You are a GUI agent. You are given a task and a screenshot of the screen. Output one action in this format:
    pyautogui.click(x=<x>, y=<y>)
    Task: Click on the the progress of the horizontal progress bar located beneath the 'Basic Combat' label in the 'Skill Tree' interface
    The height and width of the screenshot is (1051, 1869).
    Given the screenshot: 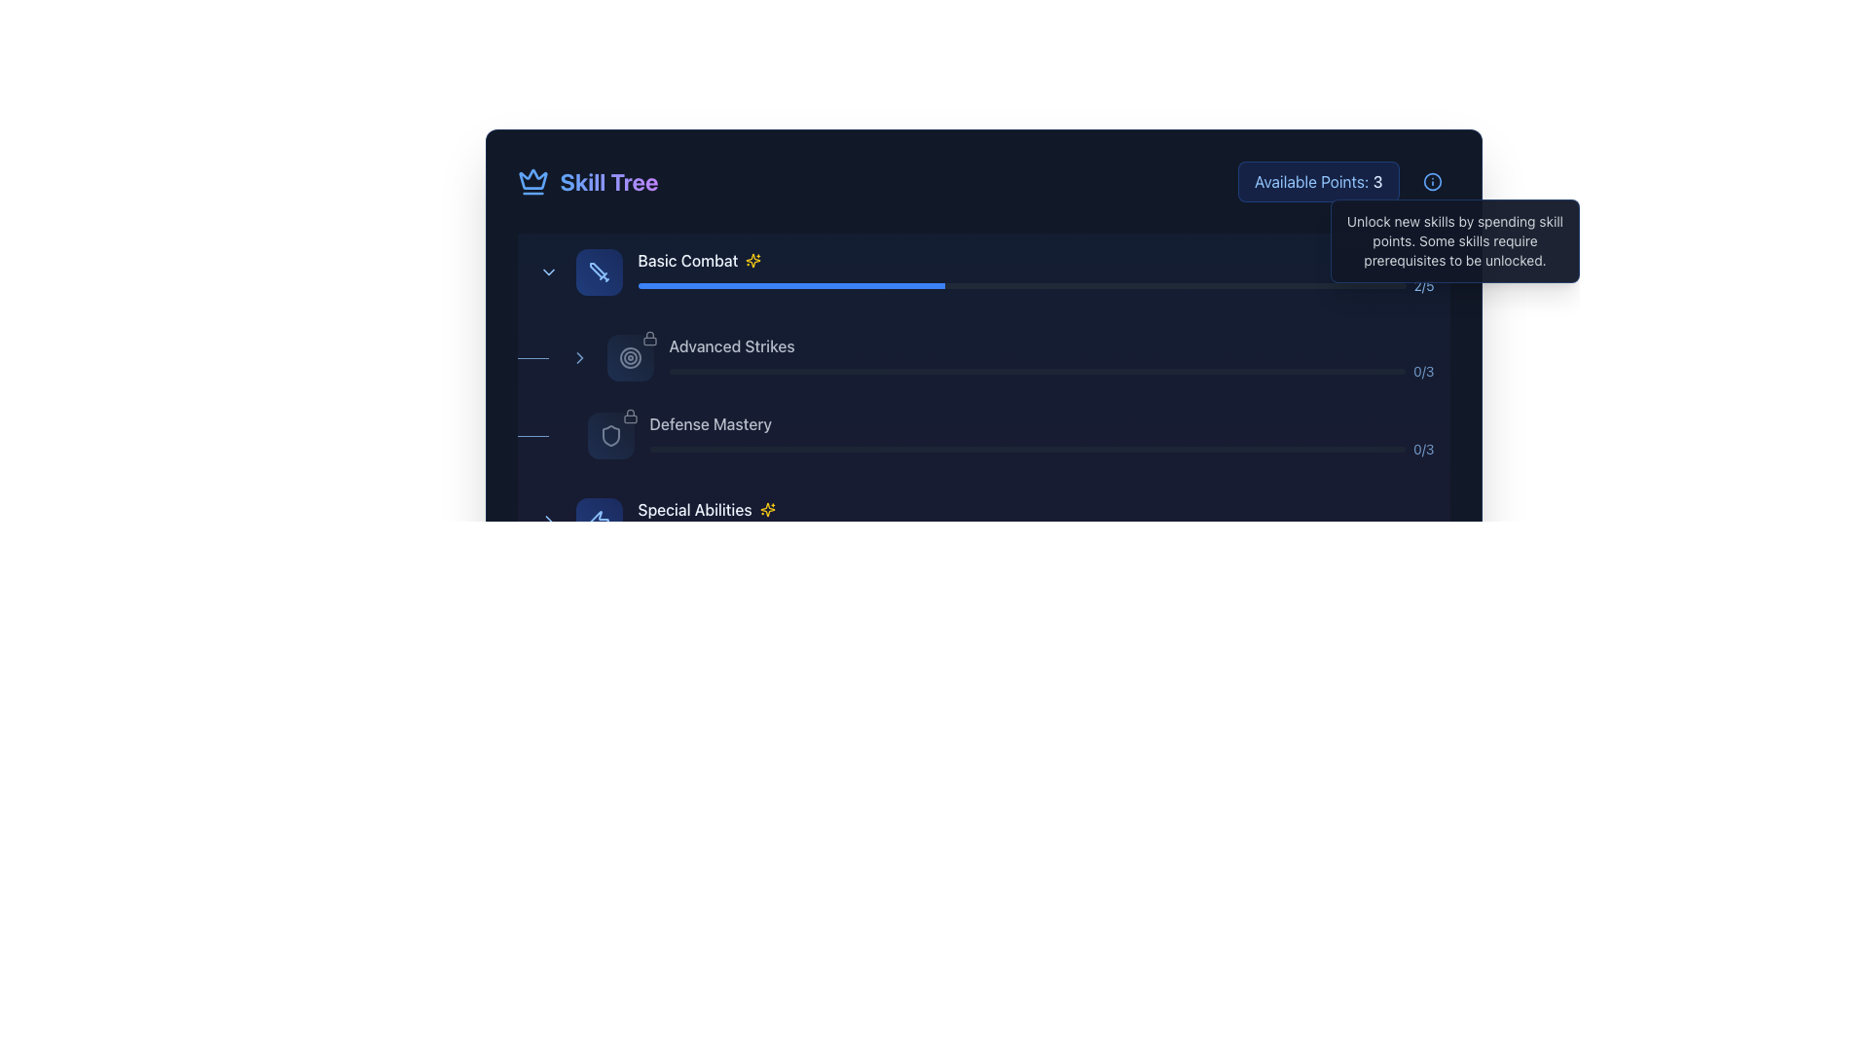 What is the action you would take?
    pyautogui.click(x=1035, y=285)
    